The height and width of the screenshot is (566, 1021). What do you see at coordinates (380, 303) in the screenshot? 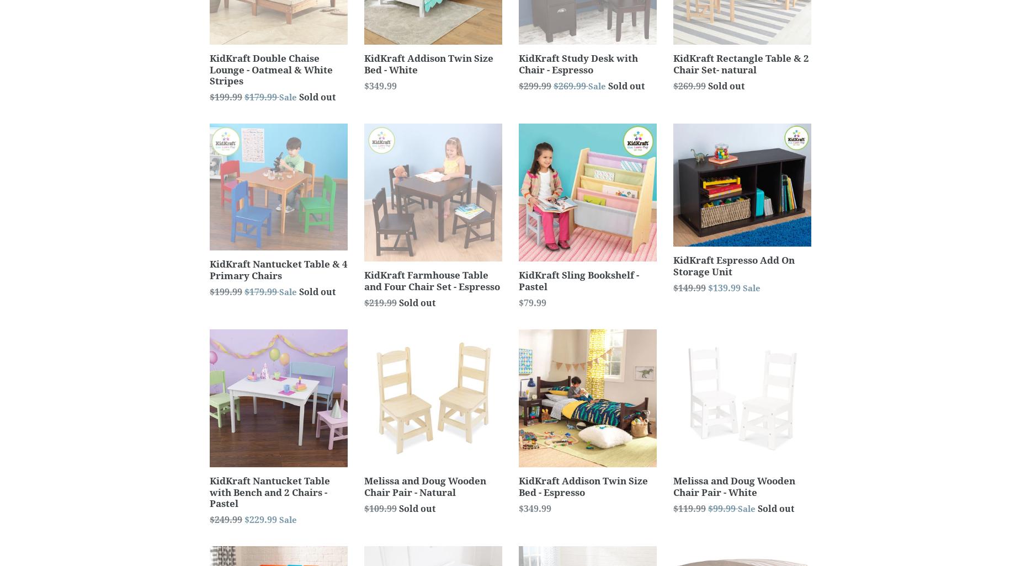
I see `'$219.99'` at bounding box center [380, 303].